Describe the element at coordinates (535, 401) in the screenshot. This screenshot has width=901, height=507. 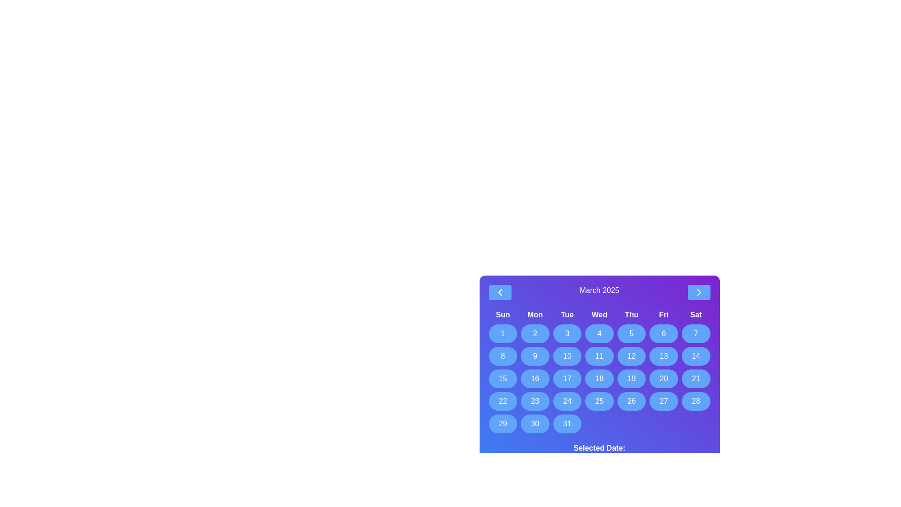
I see `the selectable date button for March 23rd in the calendar interface, located in the 6th row and 2nd column` at that location.